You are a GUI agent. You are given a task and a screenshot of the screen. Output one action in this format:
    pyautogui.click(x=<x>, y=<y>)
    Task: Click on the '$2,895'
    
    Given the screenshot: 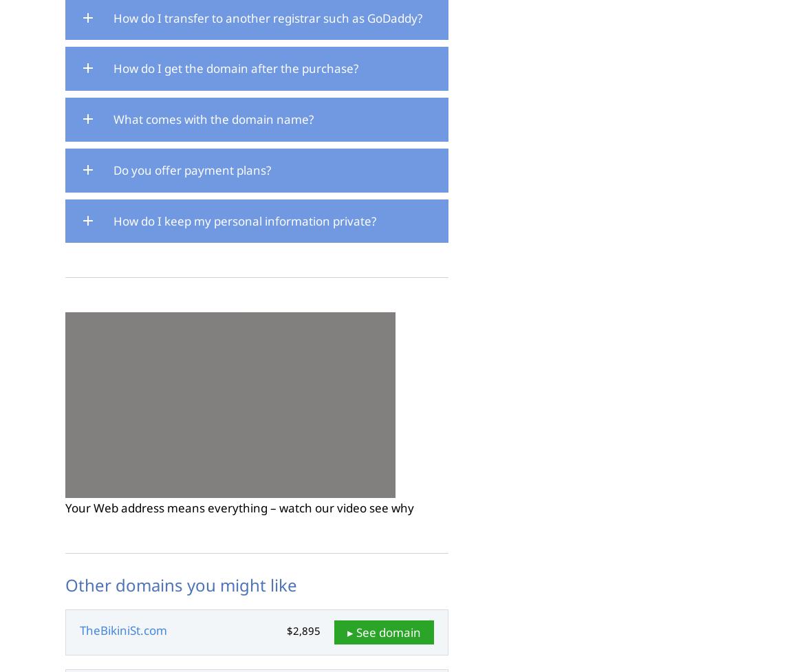 What is the action you would take?
    pyautogui.click(x=303, y=630)
    